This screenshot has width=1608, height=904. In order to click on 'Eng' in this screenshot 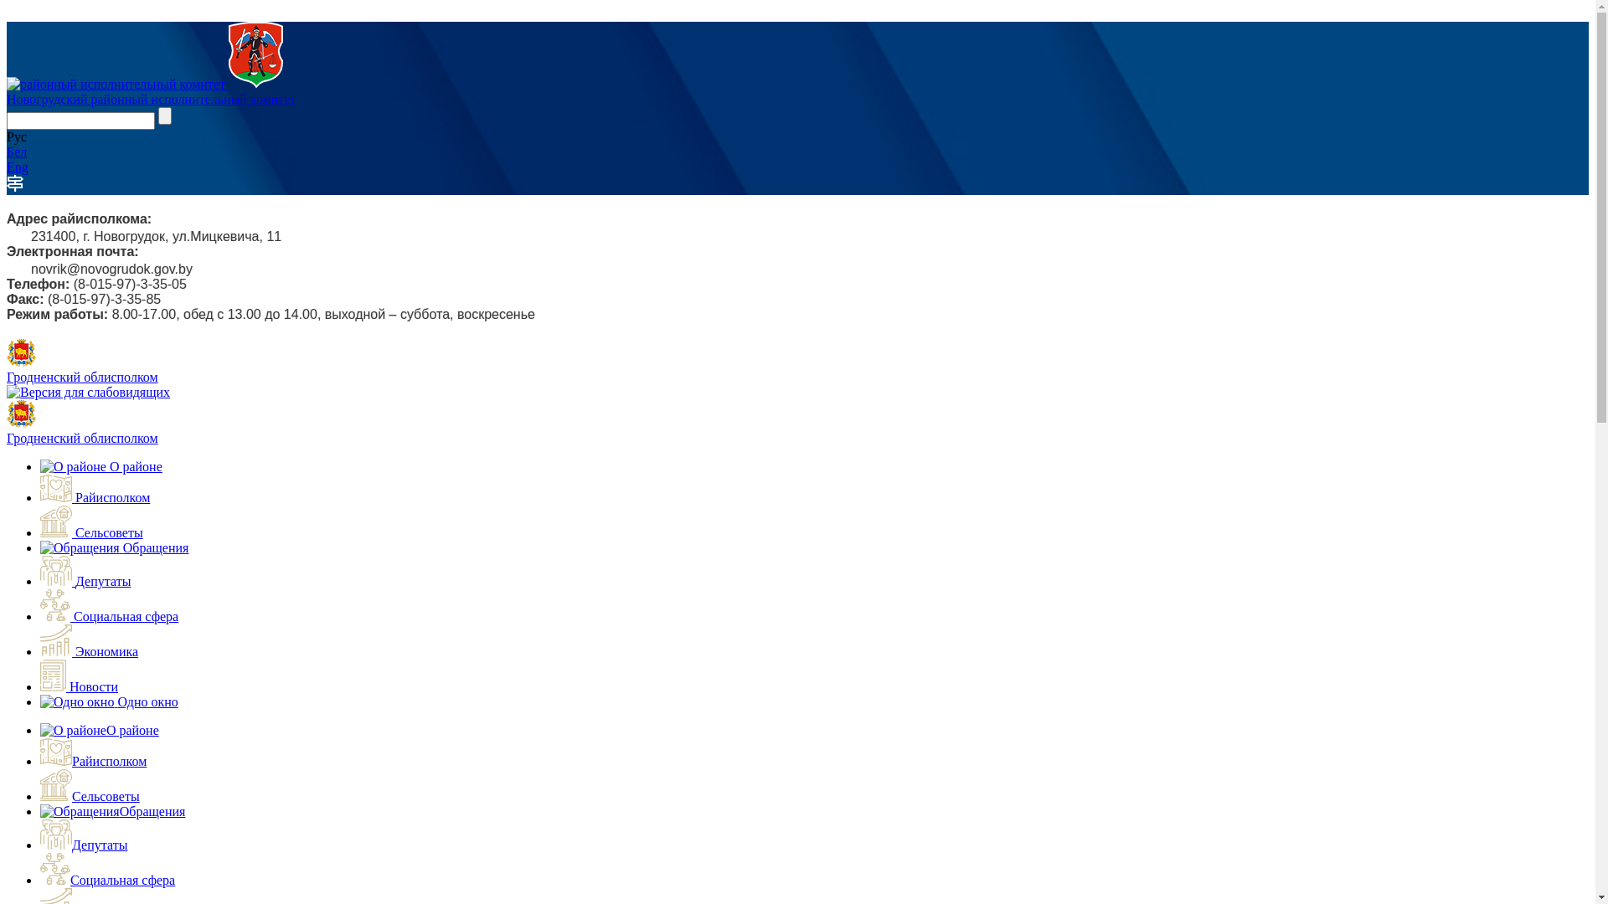, I will do `click(17, 167)`.